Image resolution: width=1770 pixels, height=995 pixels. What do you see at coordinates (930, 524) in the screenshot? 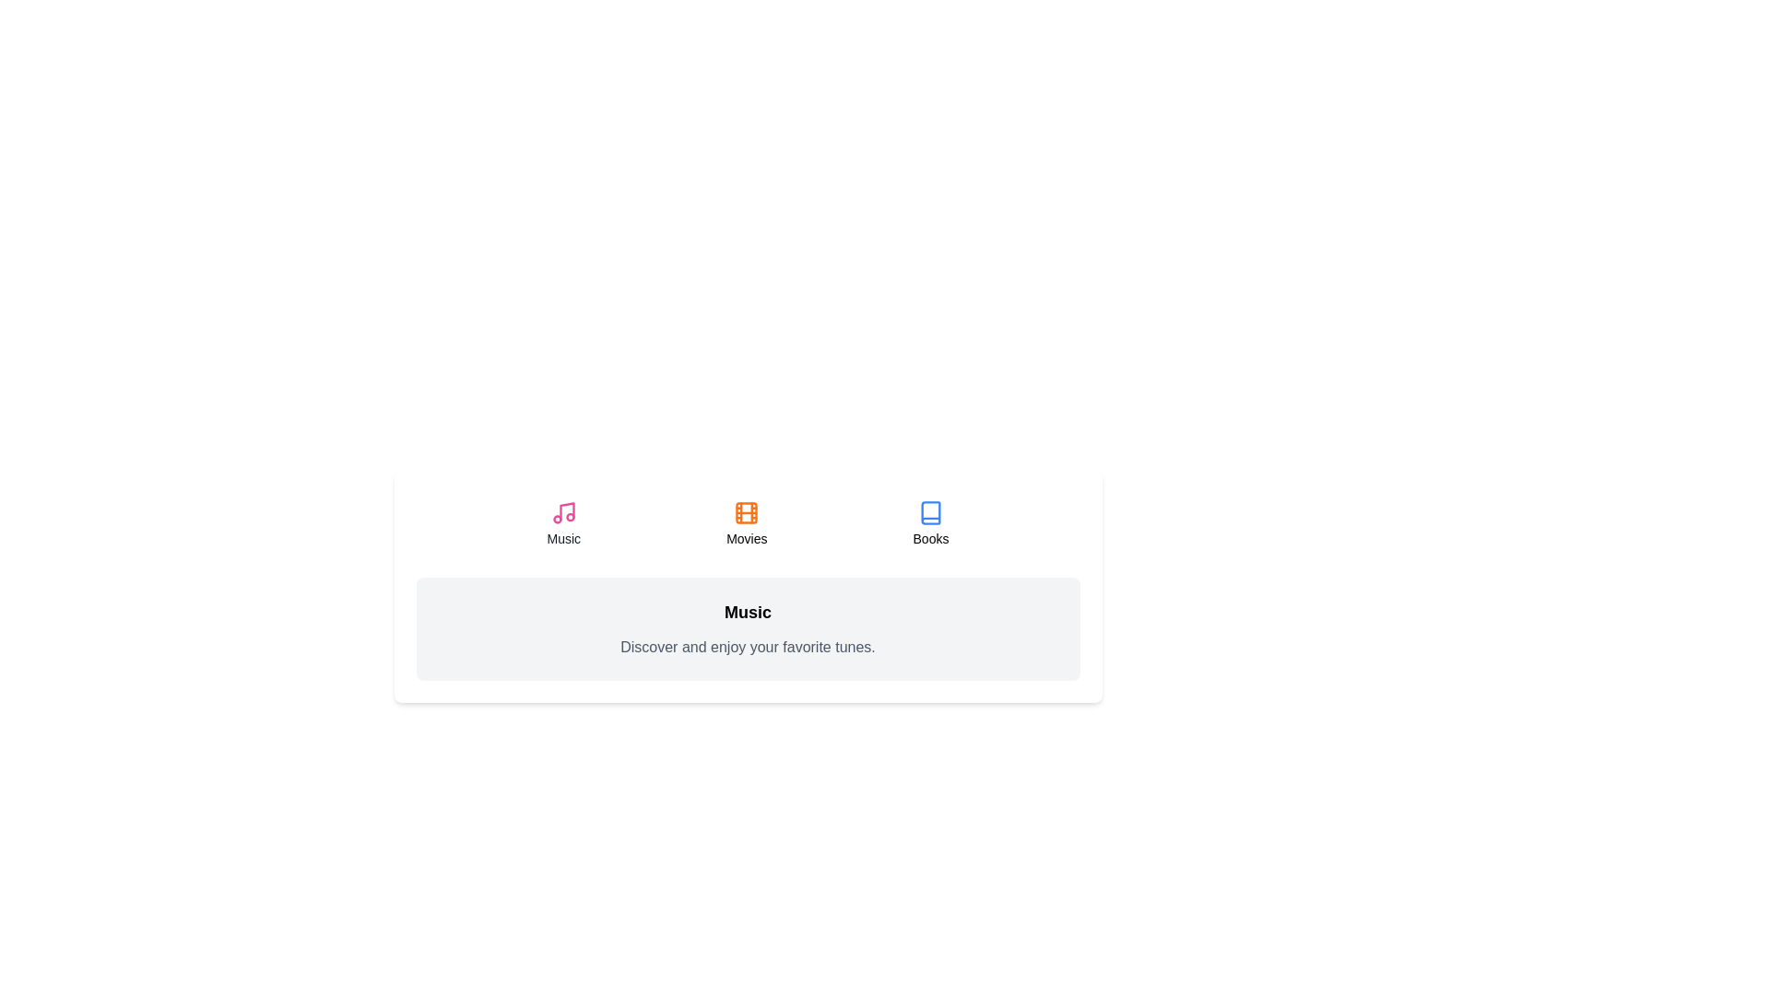
I see `the tab labeled 'Books' to observe its hover effects` at bounding box center [930, 524].